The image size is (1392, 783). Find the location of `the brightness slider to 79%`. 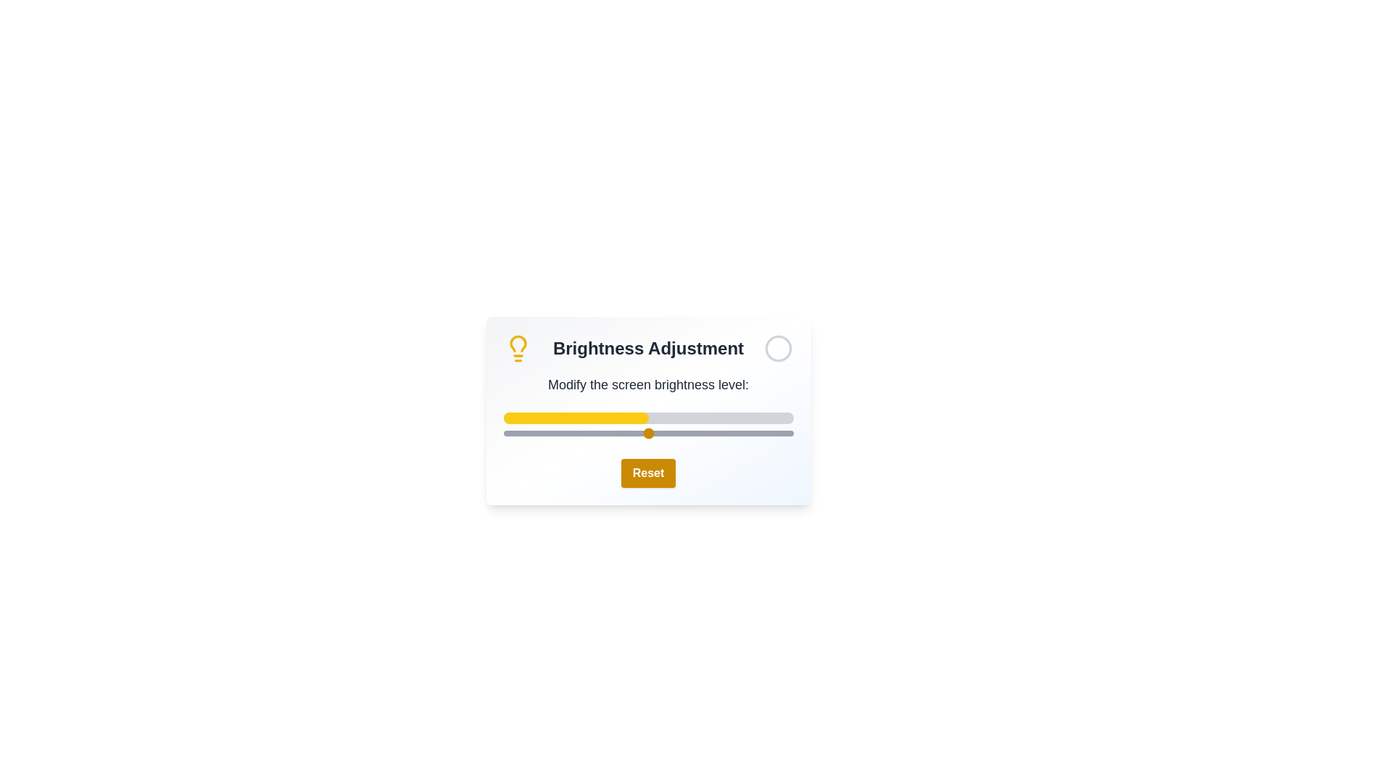

the brightness slider to 79% is located at coordinates (732, 432).